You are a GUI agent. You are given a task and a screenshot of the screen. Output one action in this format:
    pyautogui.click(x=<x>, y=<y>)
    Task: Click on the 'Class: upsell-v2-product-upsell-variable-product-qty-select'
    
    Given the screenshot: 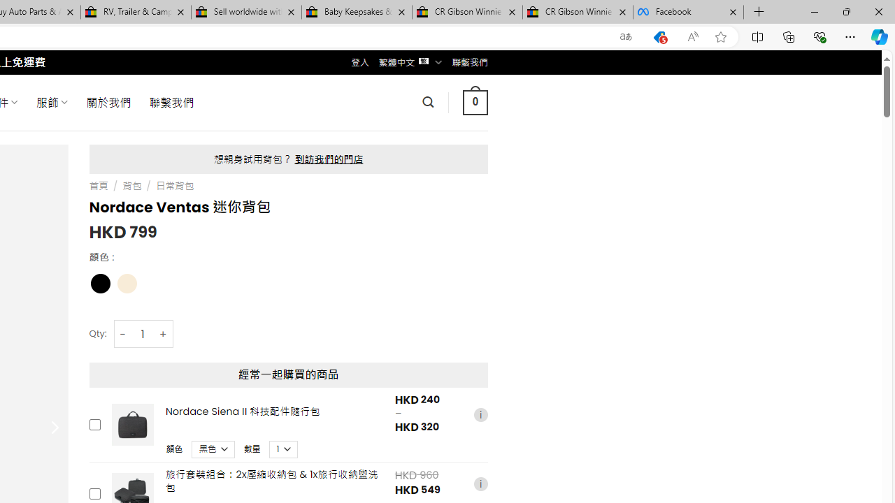 What is the action you would take?
    pyautogui.click(x=283, y=449)
    